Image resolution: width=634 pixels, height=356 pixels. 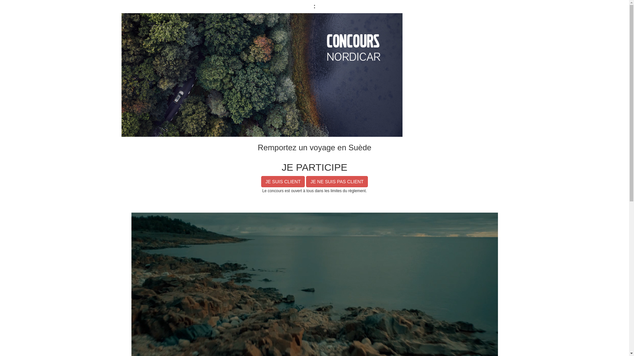 I want to click on 'JE SUIS CLIENT', so click(x=283, y=182).